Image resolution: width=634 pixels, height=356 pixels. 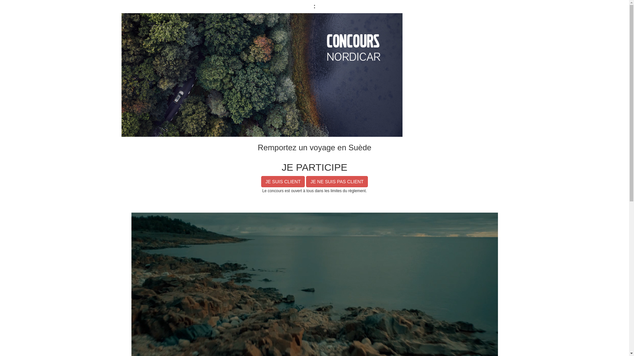 I want to click on 'JE SUIS CLIENT', so click(x=283, y=182).